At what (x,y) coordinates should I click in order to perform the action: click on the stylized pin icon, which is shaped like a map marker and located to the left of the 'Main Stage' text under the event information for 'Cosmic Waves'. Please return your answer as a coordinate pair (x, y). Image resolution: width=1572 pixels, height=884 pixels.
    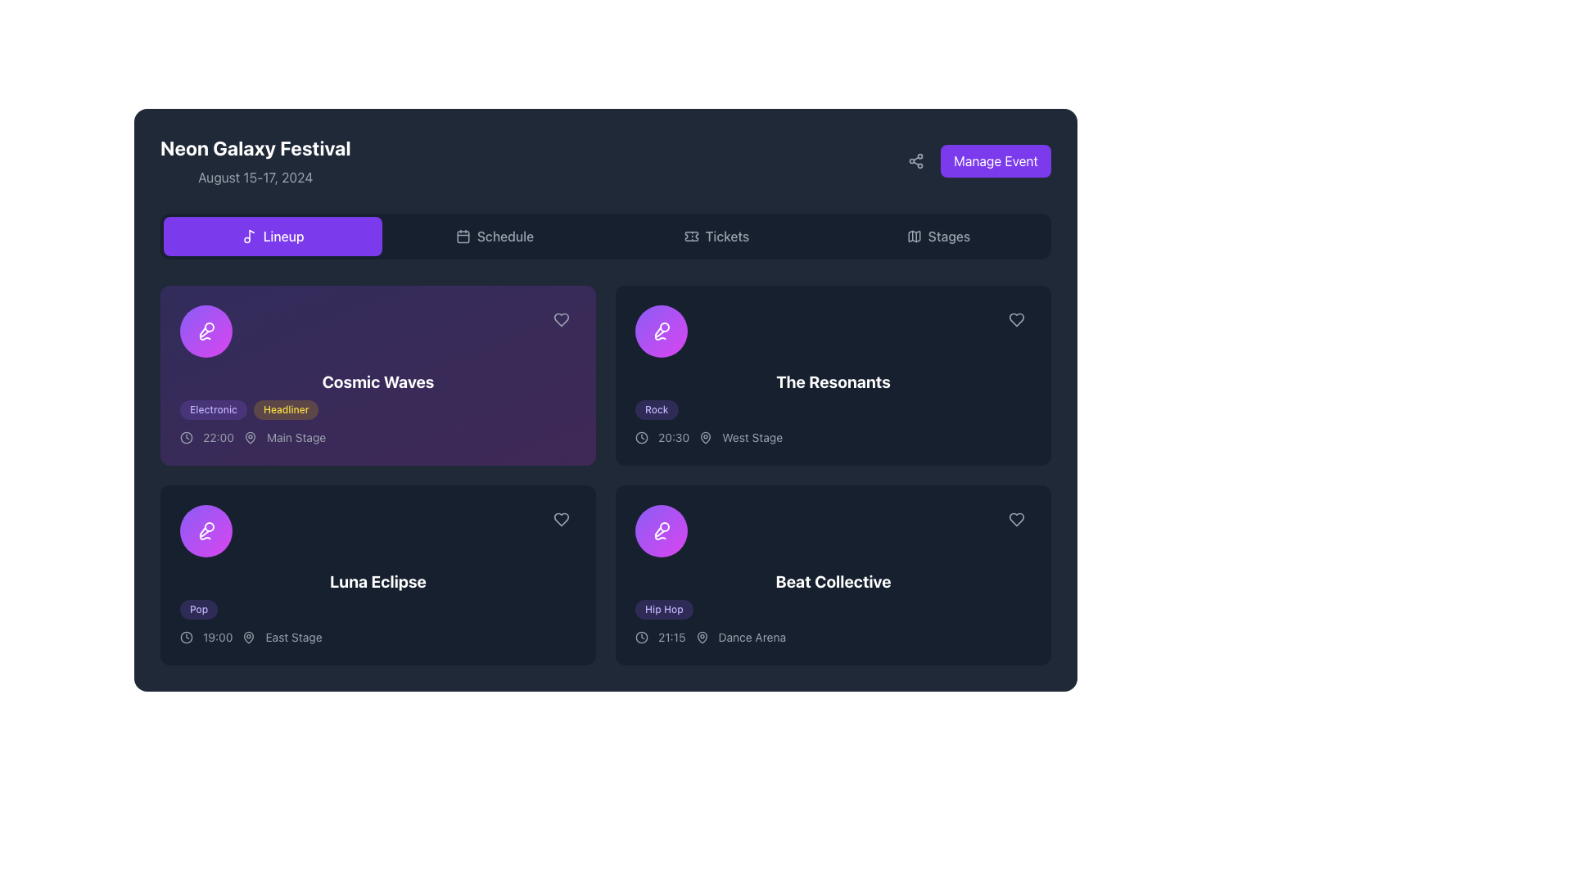
    Looking at the image, I should click on (249, 437).